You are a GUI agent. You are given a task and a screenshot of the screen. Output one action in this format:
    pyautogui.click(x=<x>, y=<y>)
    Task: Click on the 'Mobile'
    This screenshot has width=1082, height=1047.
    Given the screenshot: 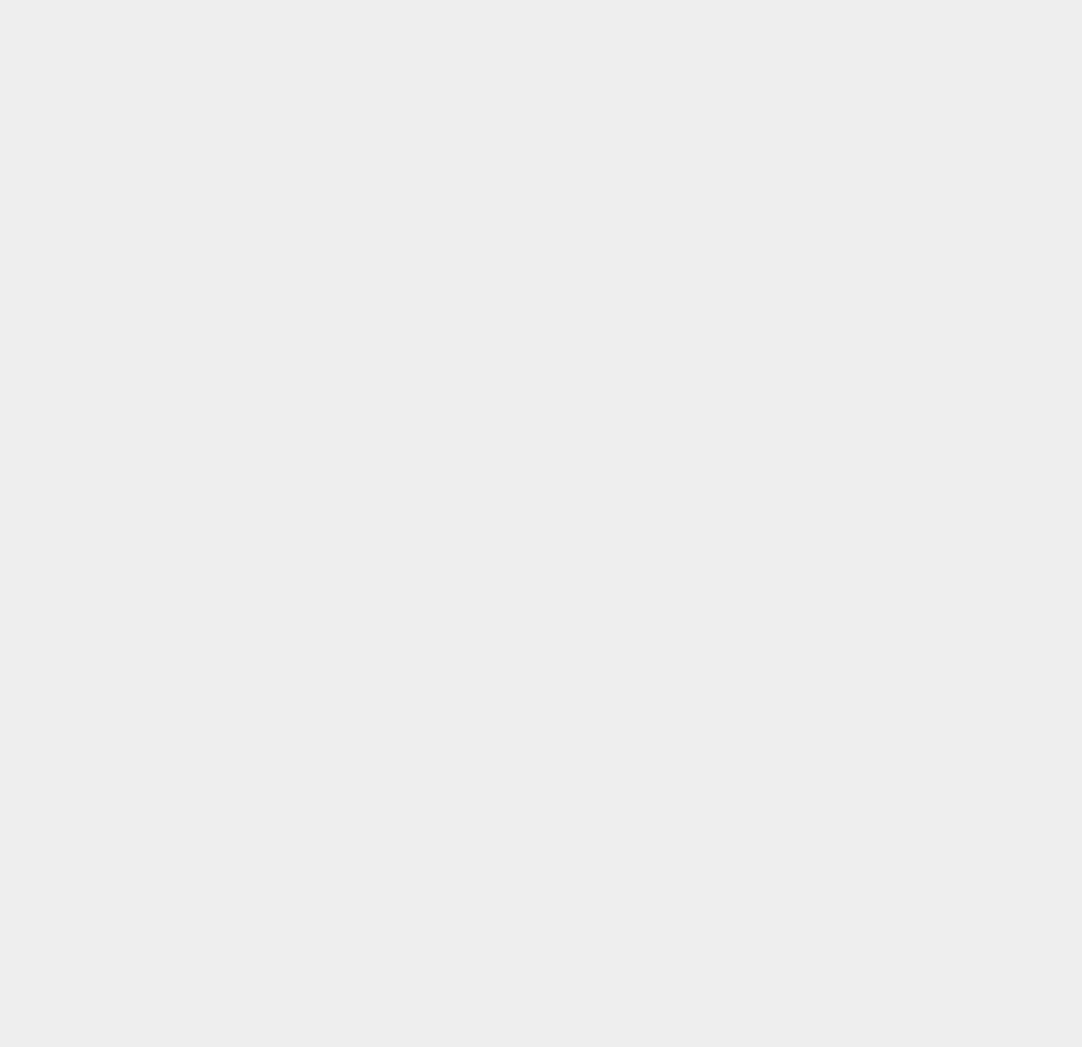 What is the action you would take?
    pyautogui.click(x=765, y=425)
    